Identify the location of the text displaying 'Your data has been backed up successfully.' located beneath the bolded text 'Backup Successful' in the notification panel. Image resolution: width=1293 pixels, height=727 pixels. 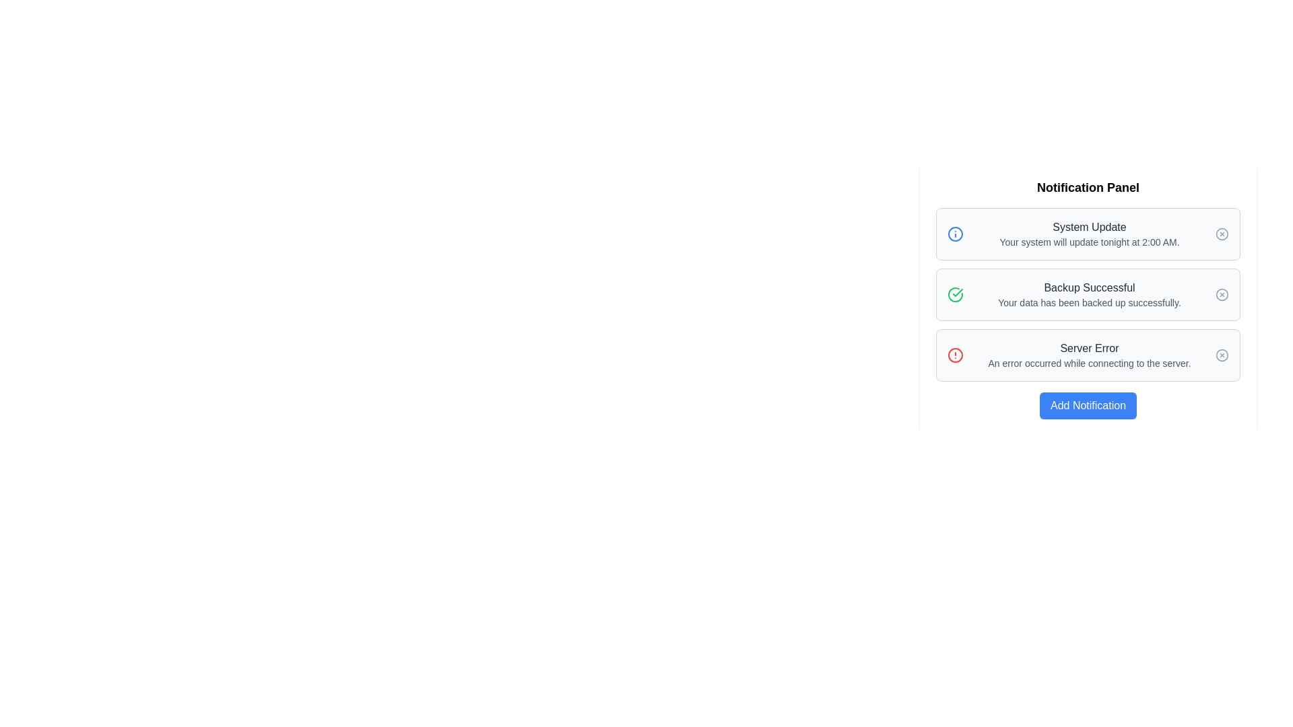
(1089, 303).